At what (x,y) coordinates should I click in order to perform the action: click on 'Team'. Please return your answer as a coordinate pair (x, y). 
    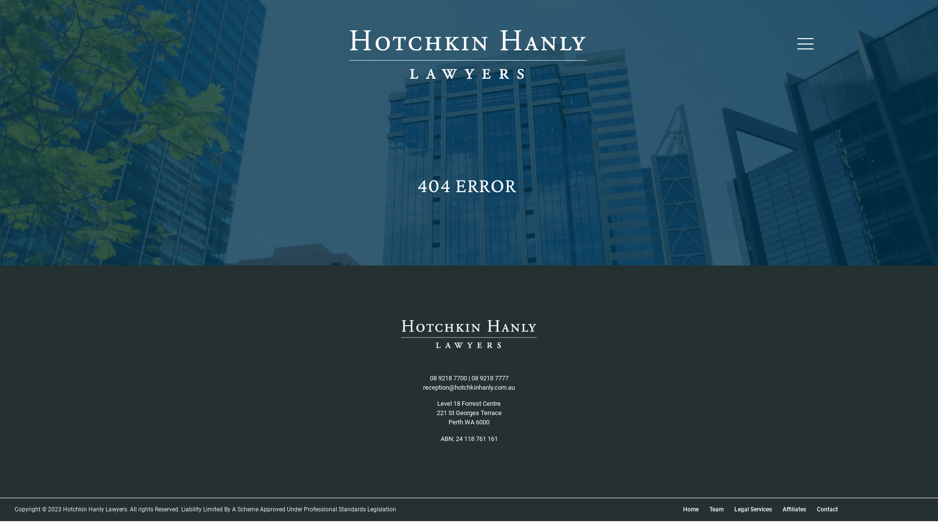
    Looking at the image, I should click on (716, 509).